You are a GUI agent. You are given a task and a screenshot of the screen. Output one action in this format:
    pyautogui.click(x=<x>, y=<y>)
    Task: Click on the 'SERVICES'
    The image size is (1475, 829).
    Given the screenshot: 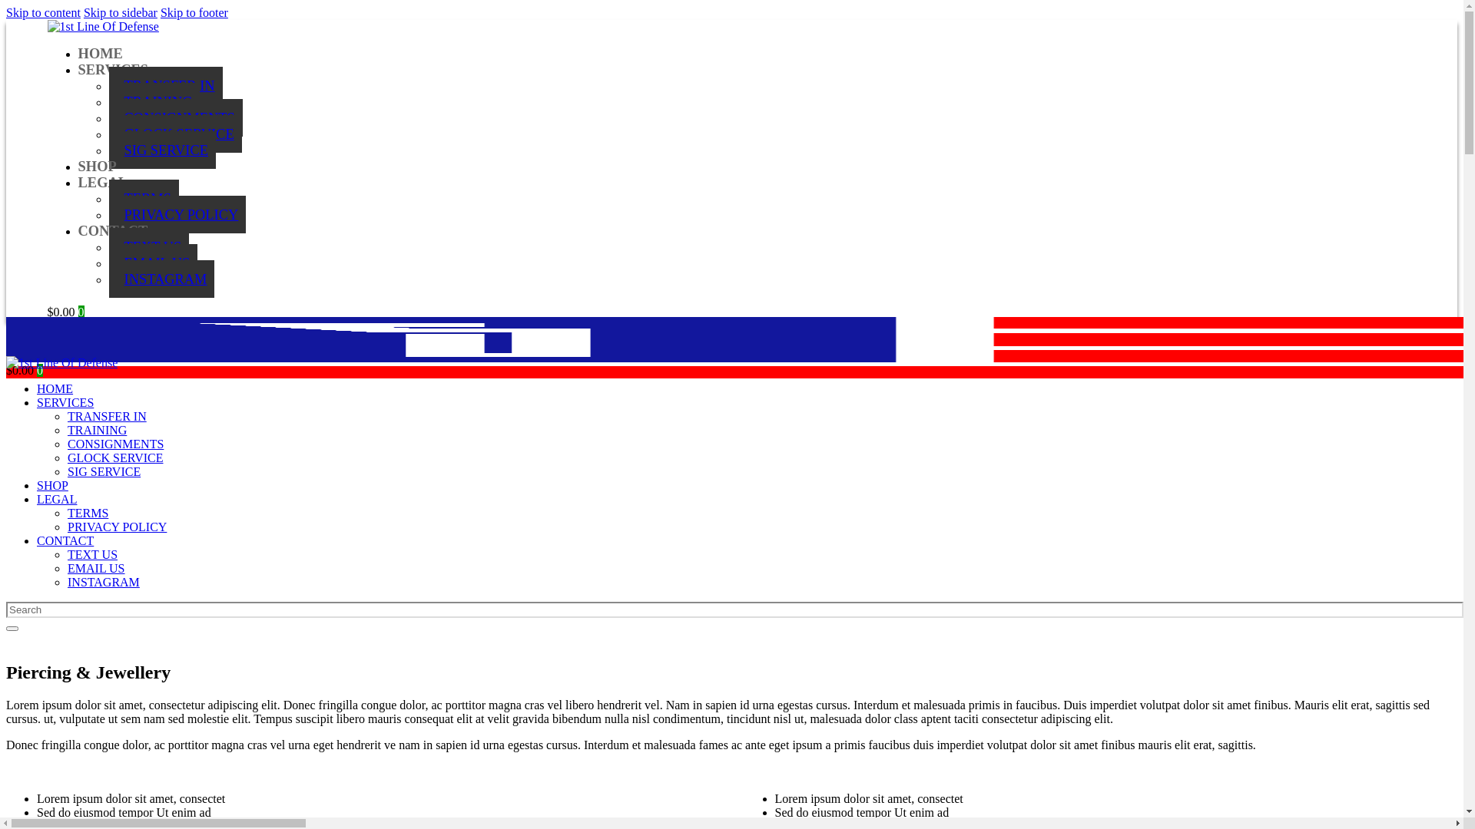 What is the action you would take?
    pyautogui.click(x=77, y=70)
    